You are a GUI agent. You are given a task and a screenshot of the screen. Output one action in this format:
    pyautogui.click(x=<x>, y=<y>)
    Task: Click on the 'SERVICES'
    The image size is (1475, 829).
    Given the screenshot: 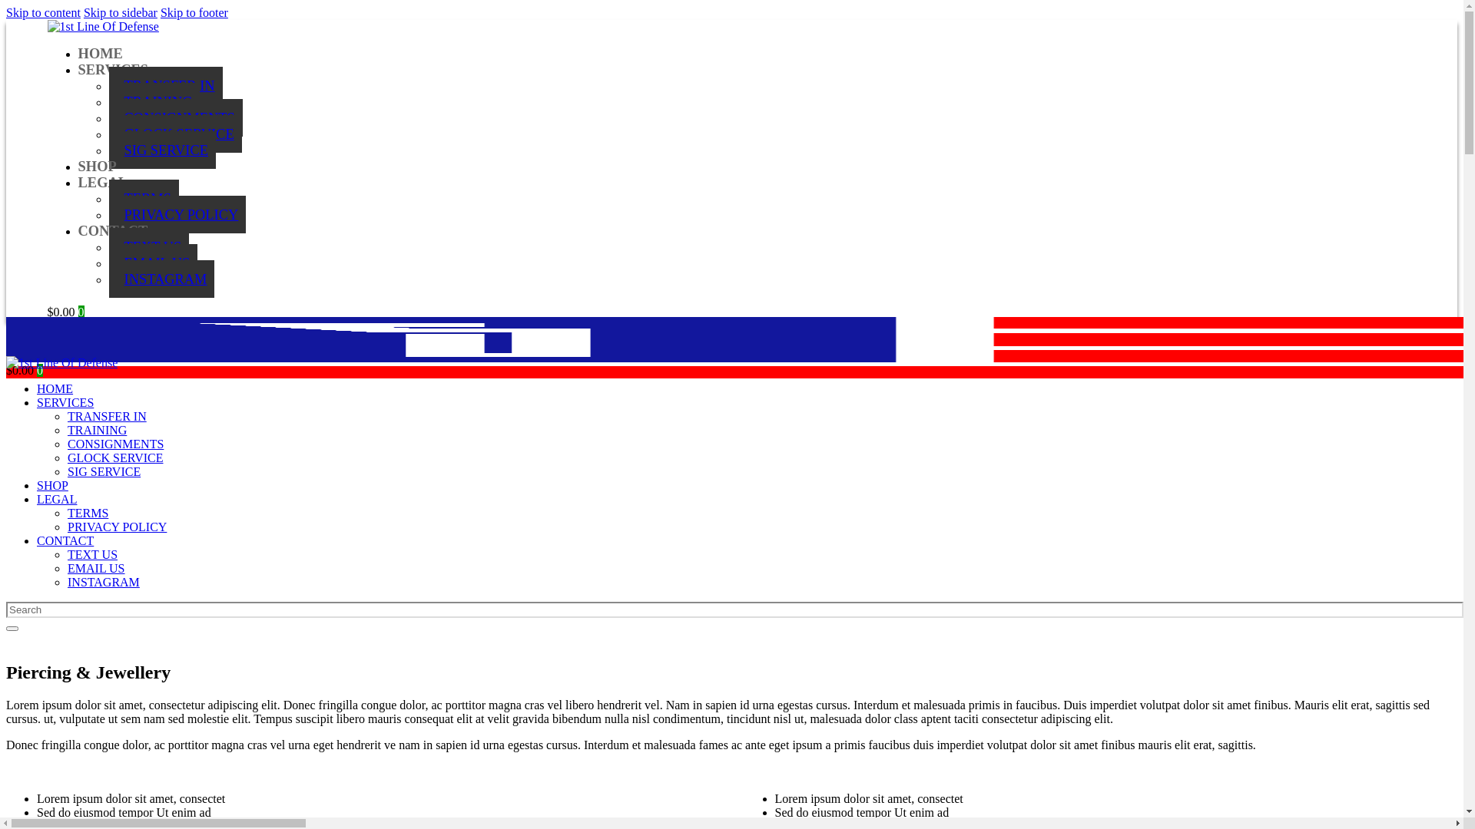 What is the action you would take?
    pyautogui.click(x=77, y=70)
    